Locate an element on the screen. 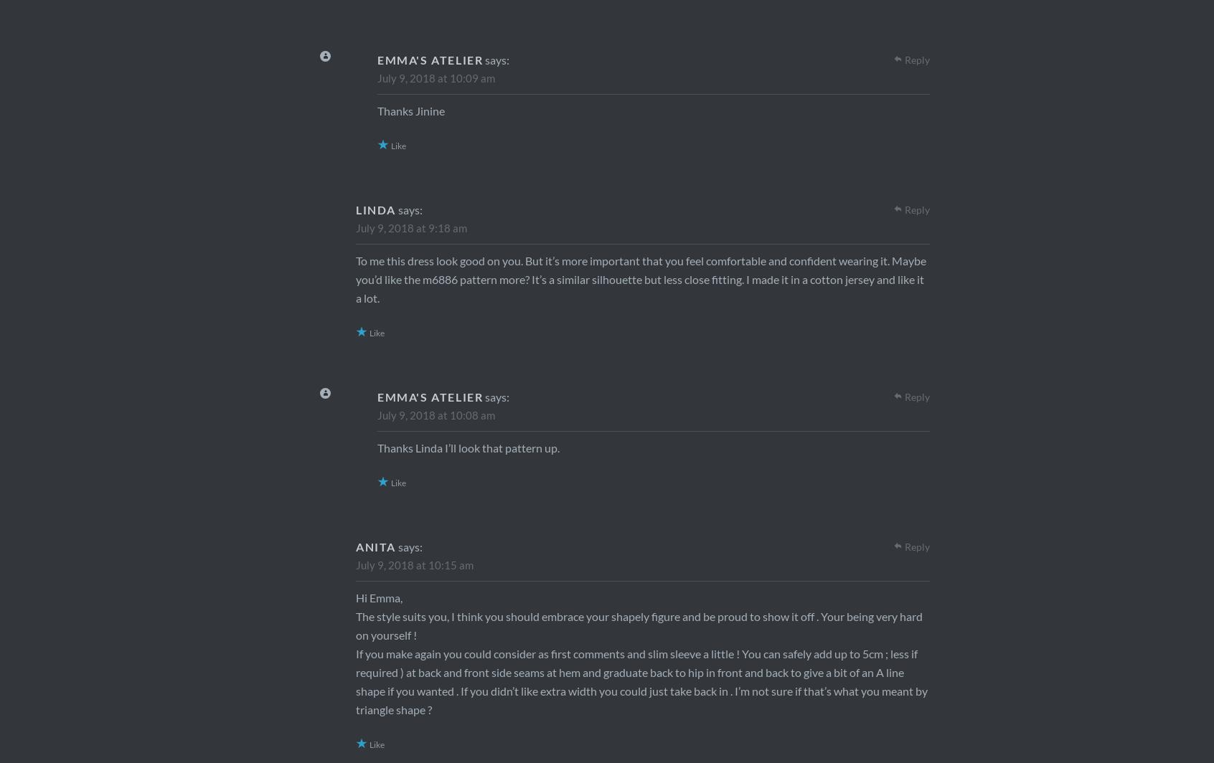 This screenshot has height=763, width=1214. 'July 9, 2018 at 10:09 am' is located at coordinates (435, 77).